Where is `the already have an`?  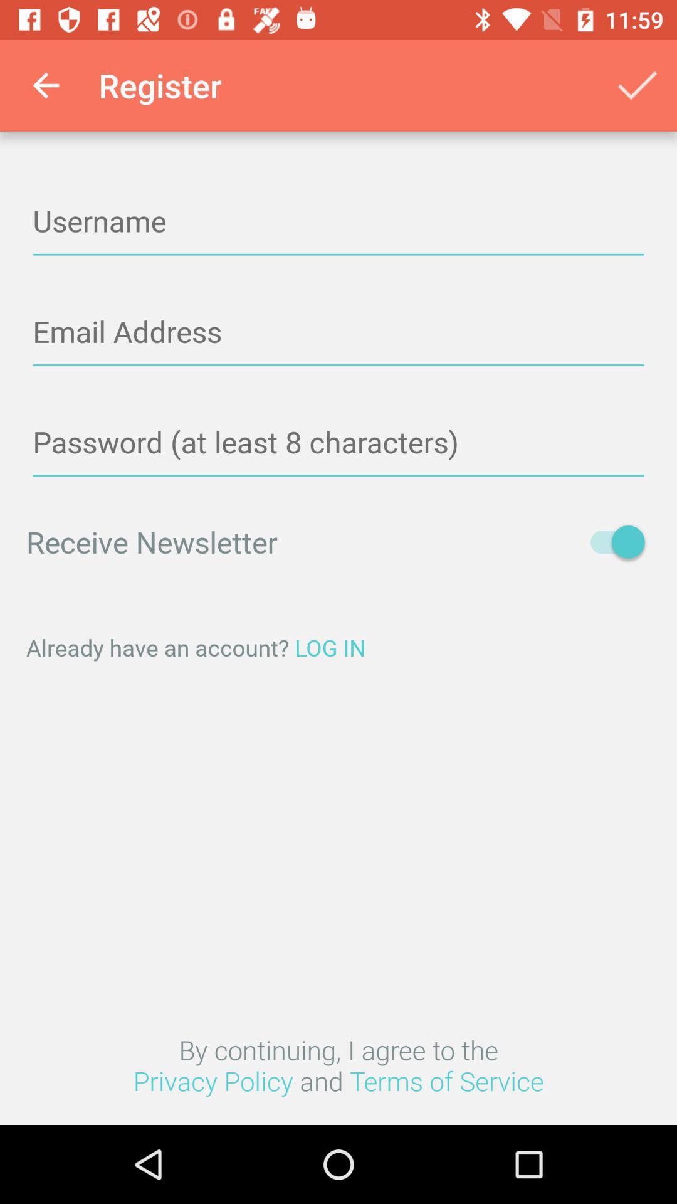 the already have an is located at coordinates (338, 647).